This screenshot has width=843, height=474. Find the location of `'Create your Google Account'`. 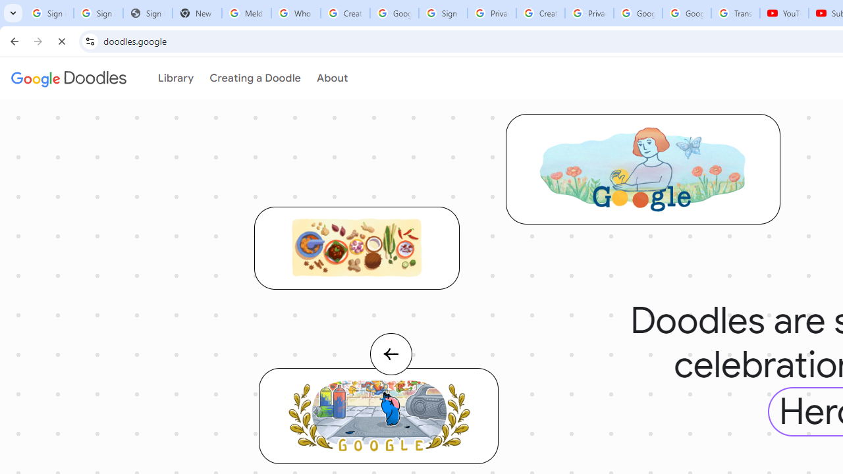

'Create your Google Account' is located at coordinates (540, 13).